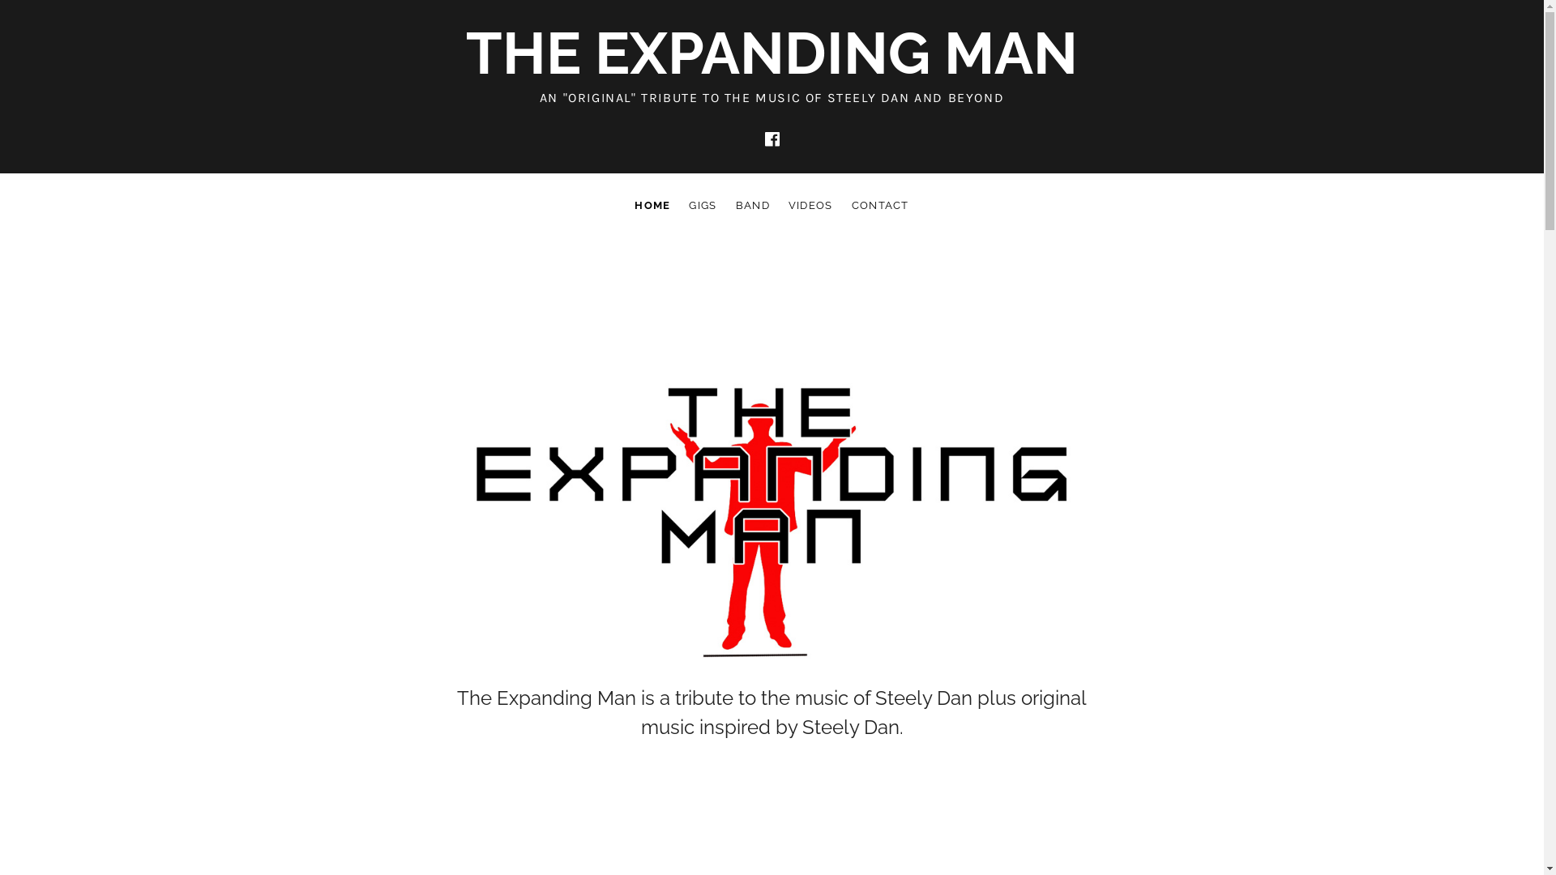  What do you see at coordinates (652, 205) in the screenshot?
I see `'HOME'` at bounding box center [652, 205].